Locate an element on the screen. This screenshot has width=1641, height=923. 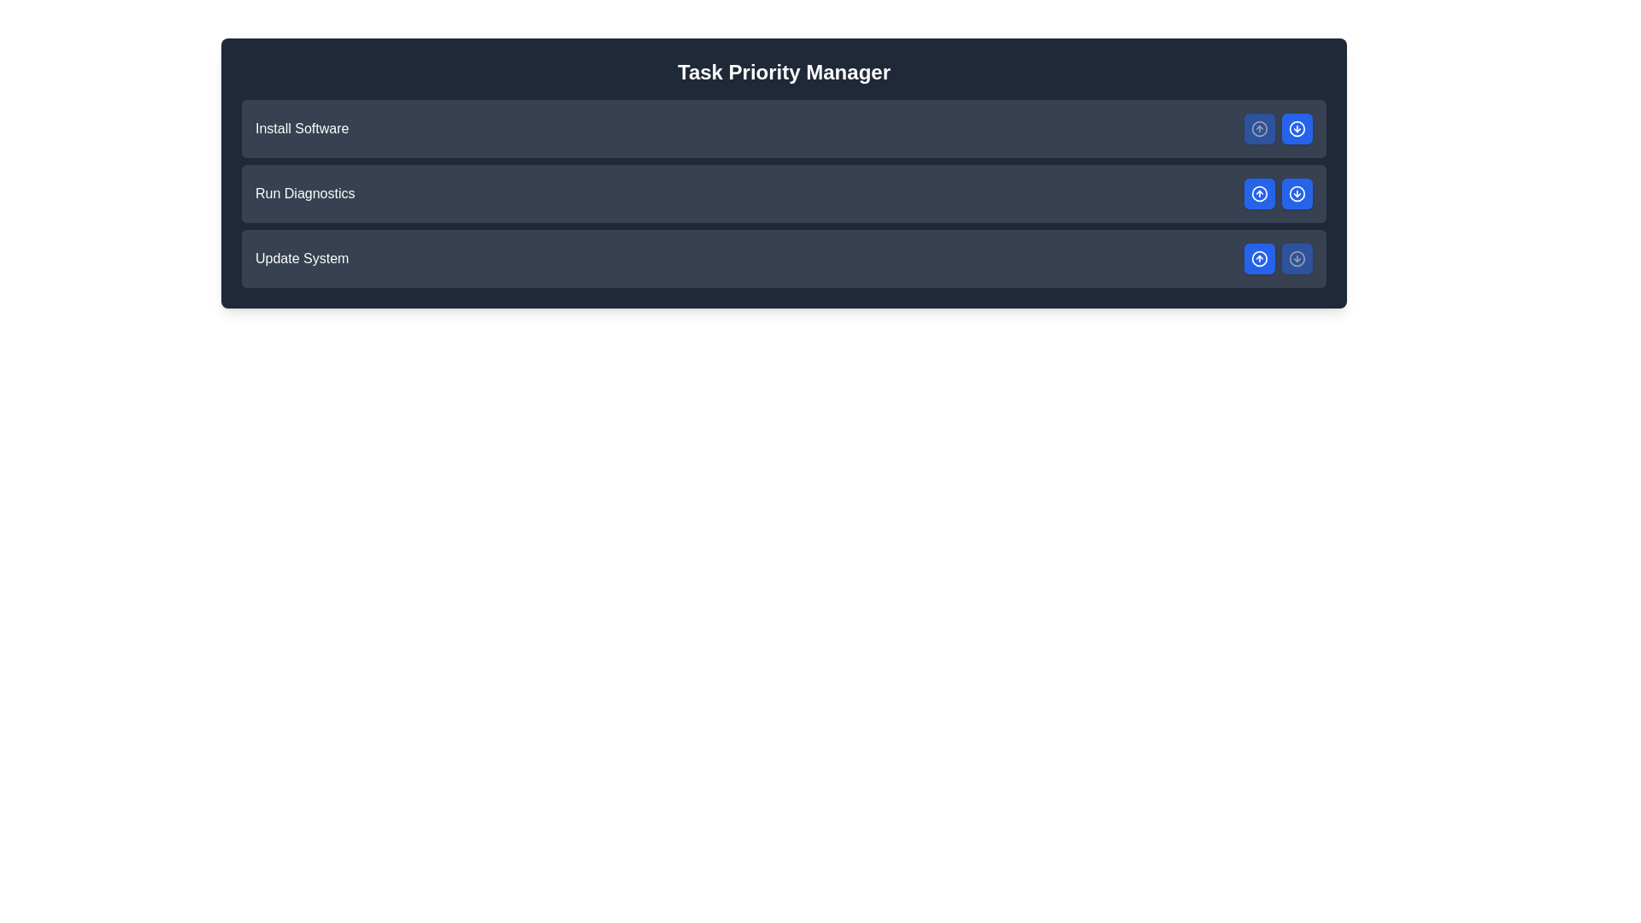
the horizontal button group located on the right-hand side of the 'Run Diagnostics' panel is located at coordinates (1279, 193).